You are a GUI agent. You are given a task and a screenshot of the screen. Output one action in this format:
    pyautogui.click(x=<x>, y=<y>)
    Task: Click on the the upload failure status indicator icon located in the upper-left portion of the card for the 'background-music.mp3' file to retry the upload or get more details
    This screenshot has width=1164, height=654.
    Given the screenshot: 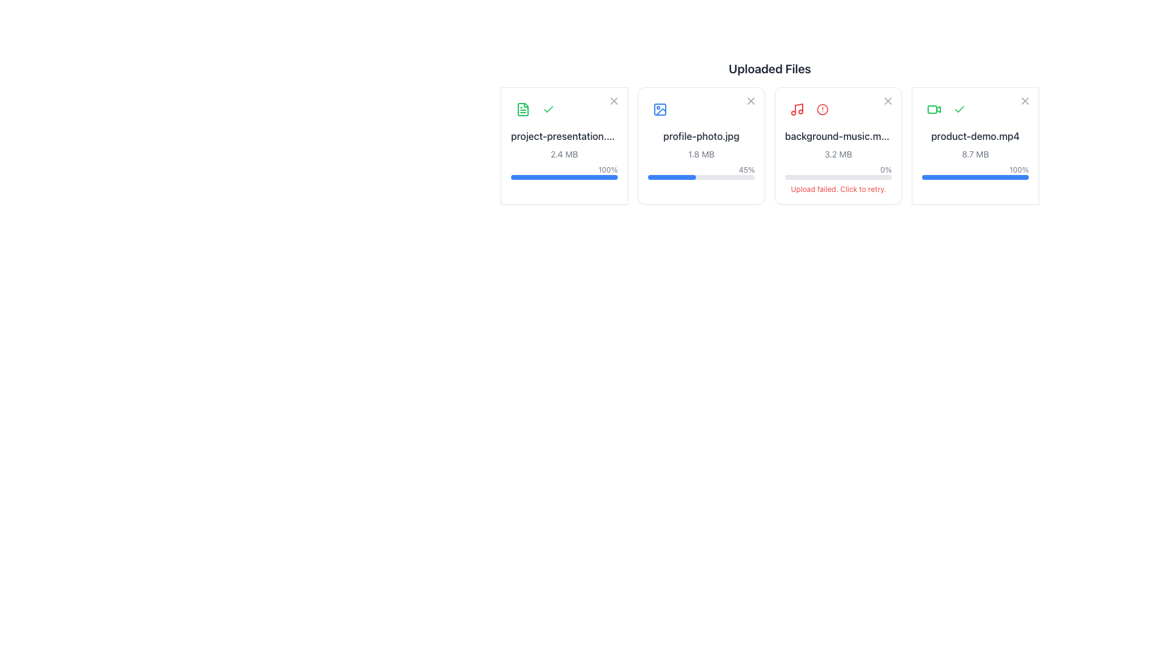 What is the action you would take?
    pyautogui.click(x=797, y=110)
    